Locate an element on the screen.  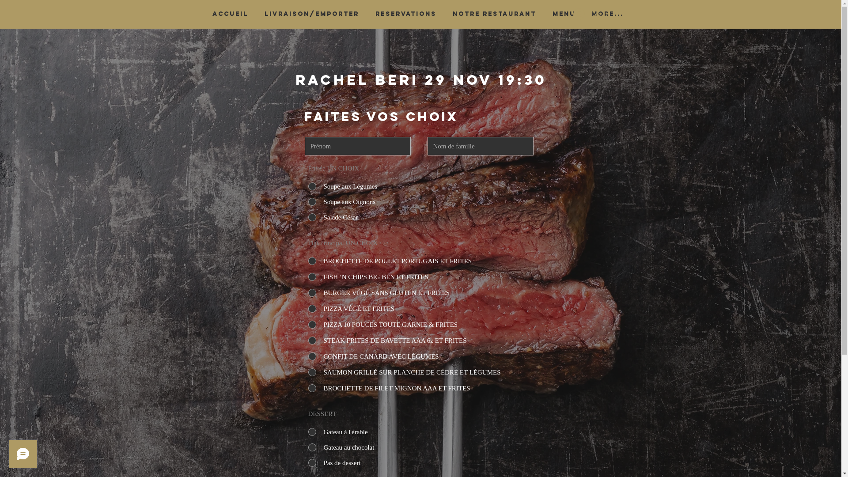
'ACCUEIL' is located at coordinates (230, 14).